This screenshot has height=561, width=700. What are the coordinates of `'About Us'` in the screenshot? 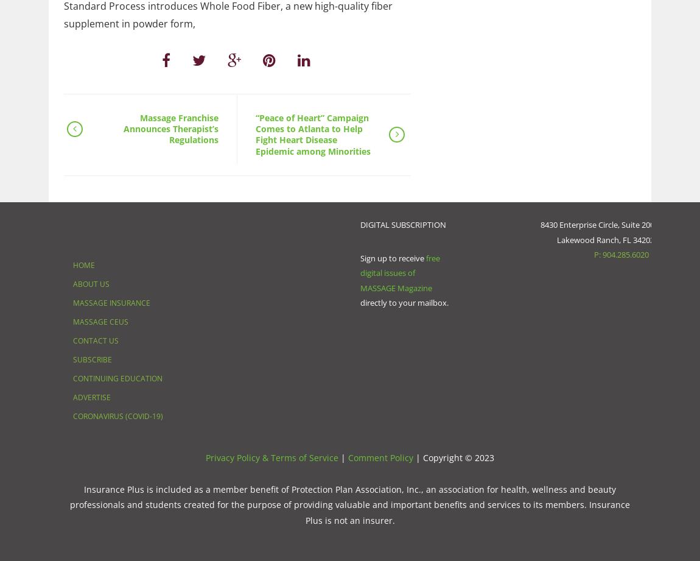 It's located at (90, 283).